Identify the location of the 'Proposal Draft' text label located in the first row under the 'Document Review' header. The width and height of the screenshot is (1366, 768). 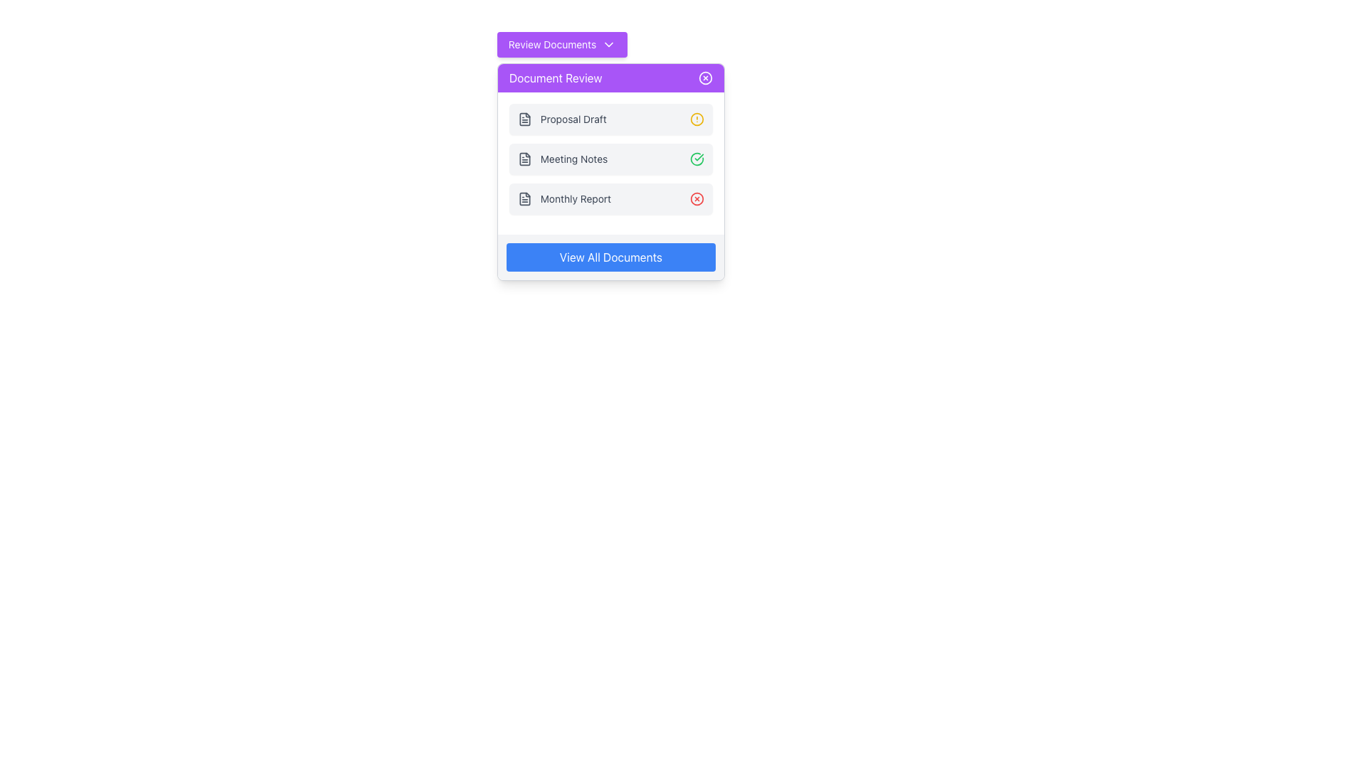
(573, 119).